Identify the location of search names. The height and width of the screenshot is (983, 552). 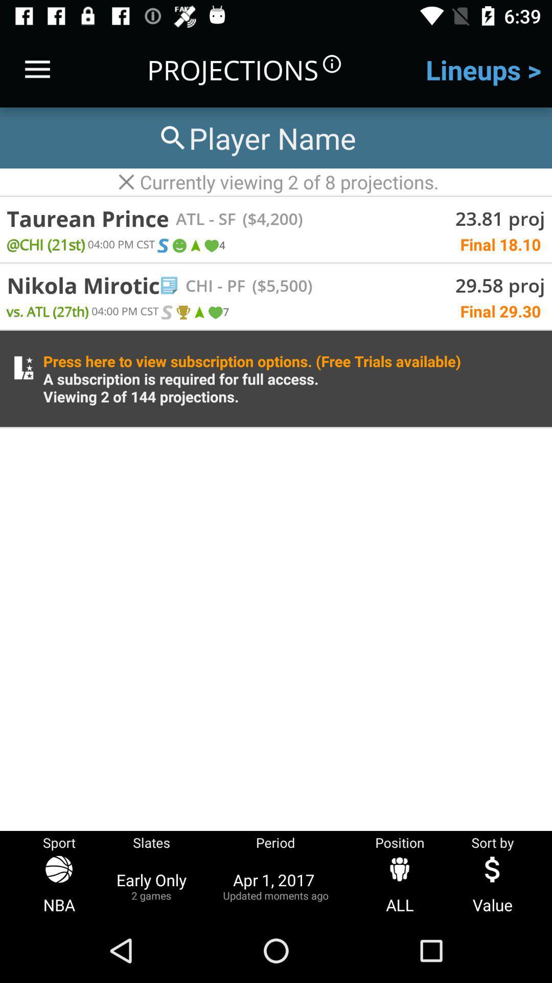
(256, 137).